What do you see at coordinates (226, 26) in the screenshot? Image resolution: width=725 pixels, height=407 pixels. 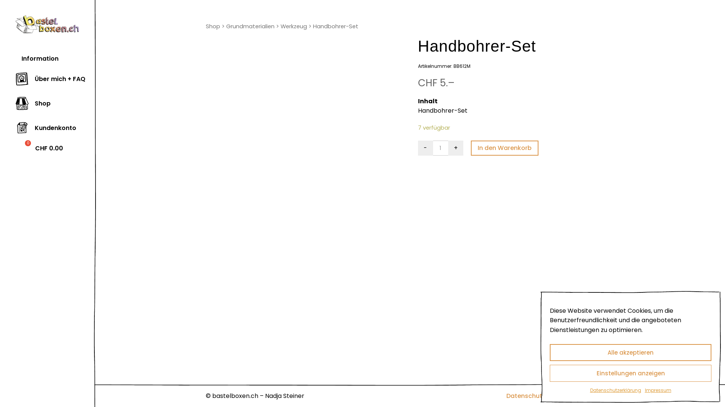 I see `'Grundmaterialien'` at bounding box center [226, 26].